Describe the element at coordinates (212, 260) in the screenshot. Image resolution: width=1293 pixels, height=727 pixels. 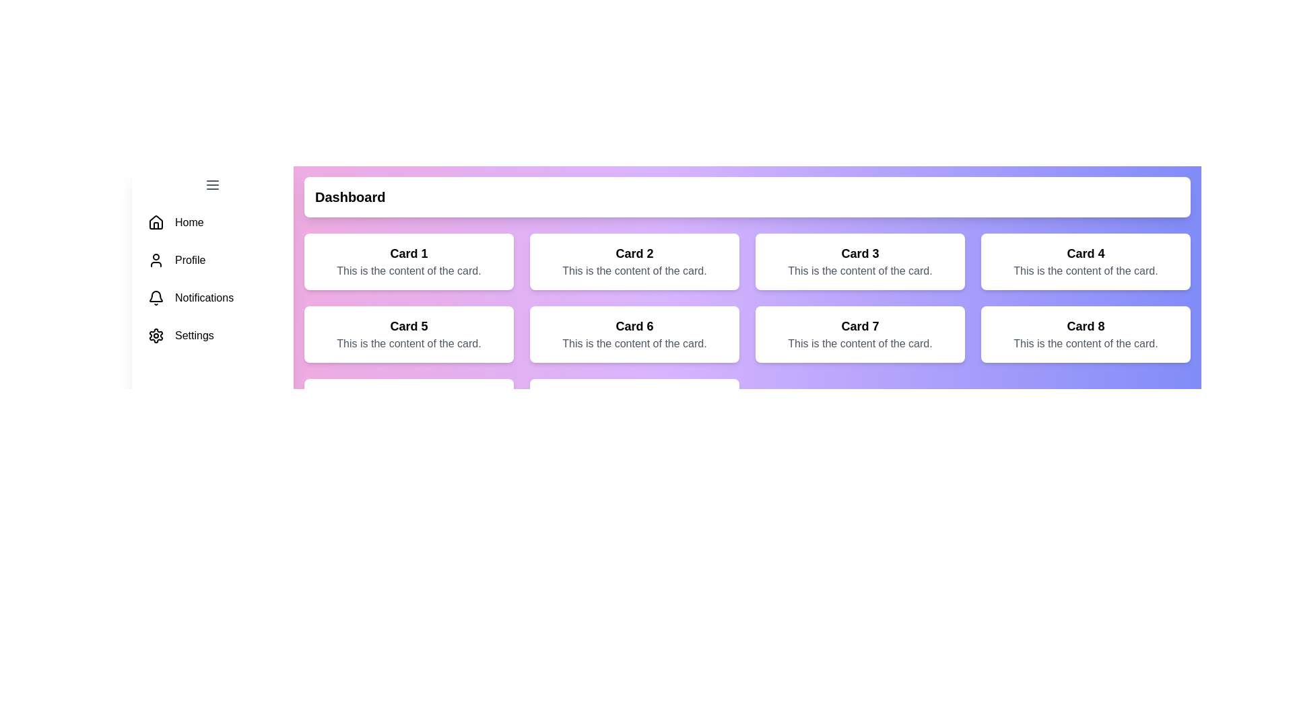
I see `the menu item Profile to navigate` at that location.